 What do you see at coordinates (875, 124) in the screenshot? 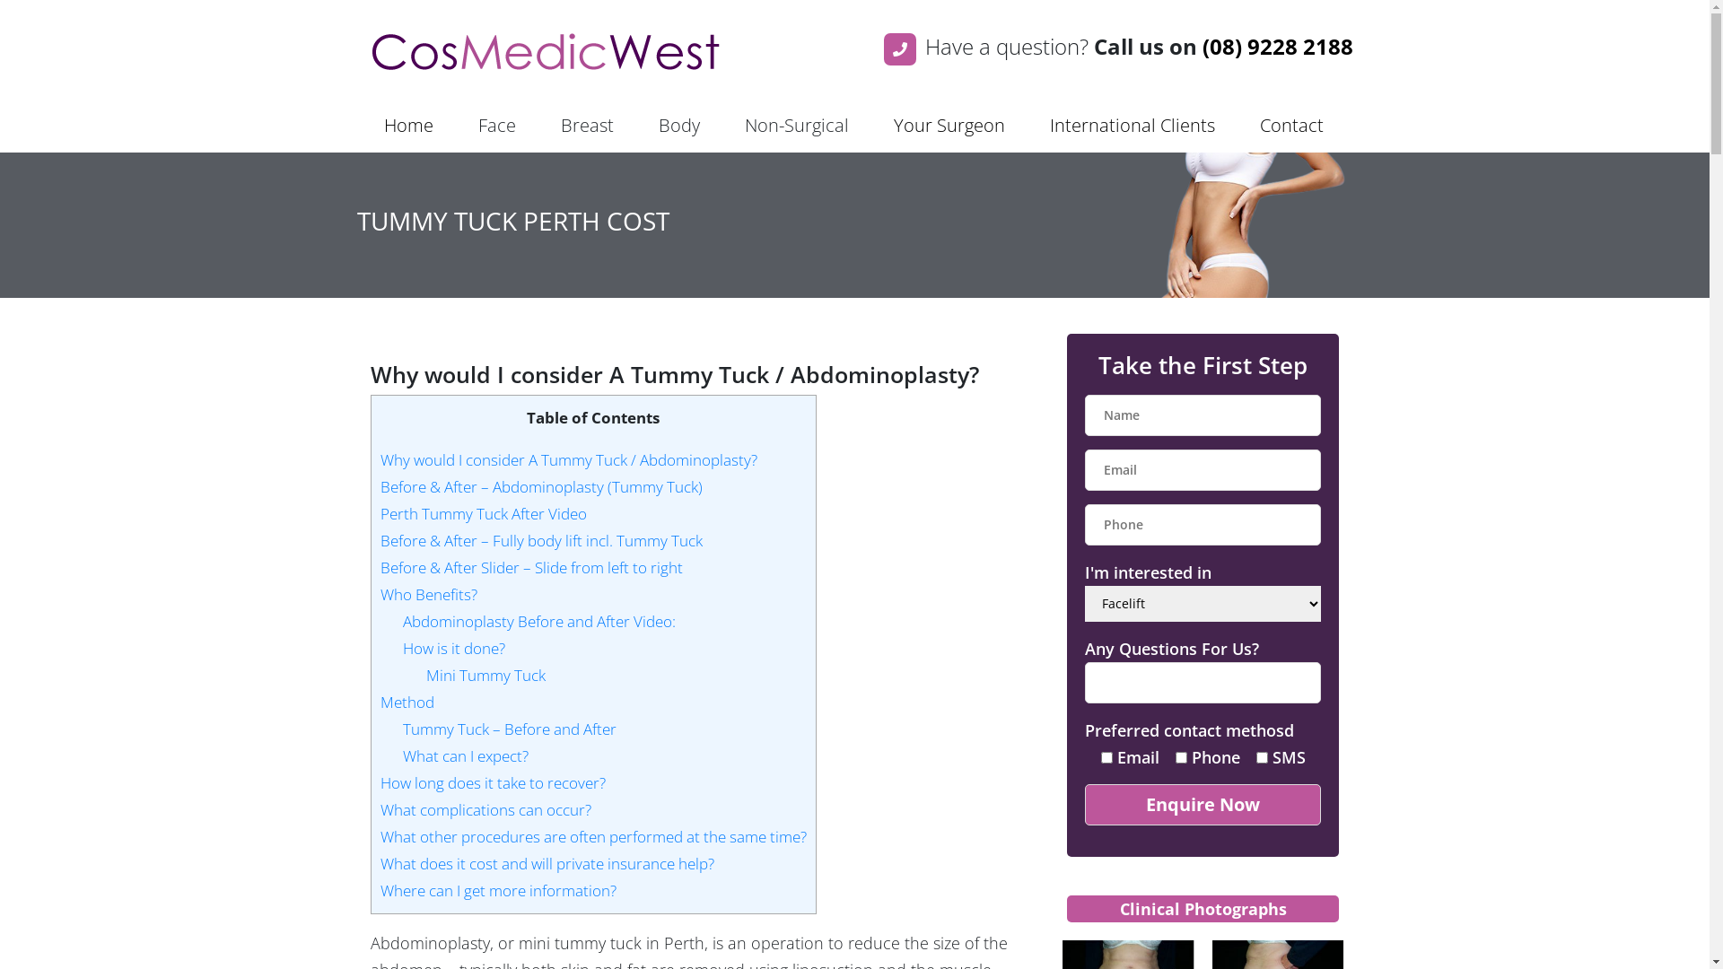
I see `'Your Surgeon'` at bounding box center [875, 124].